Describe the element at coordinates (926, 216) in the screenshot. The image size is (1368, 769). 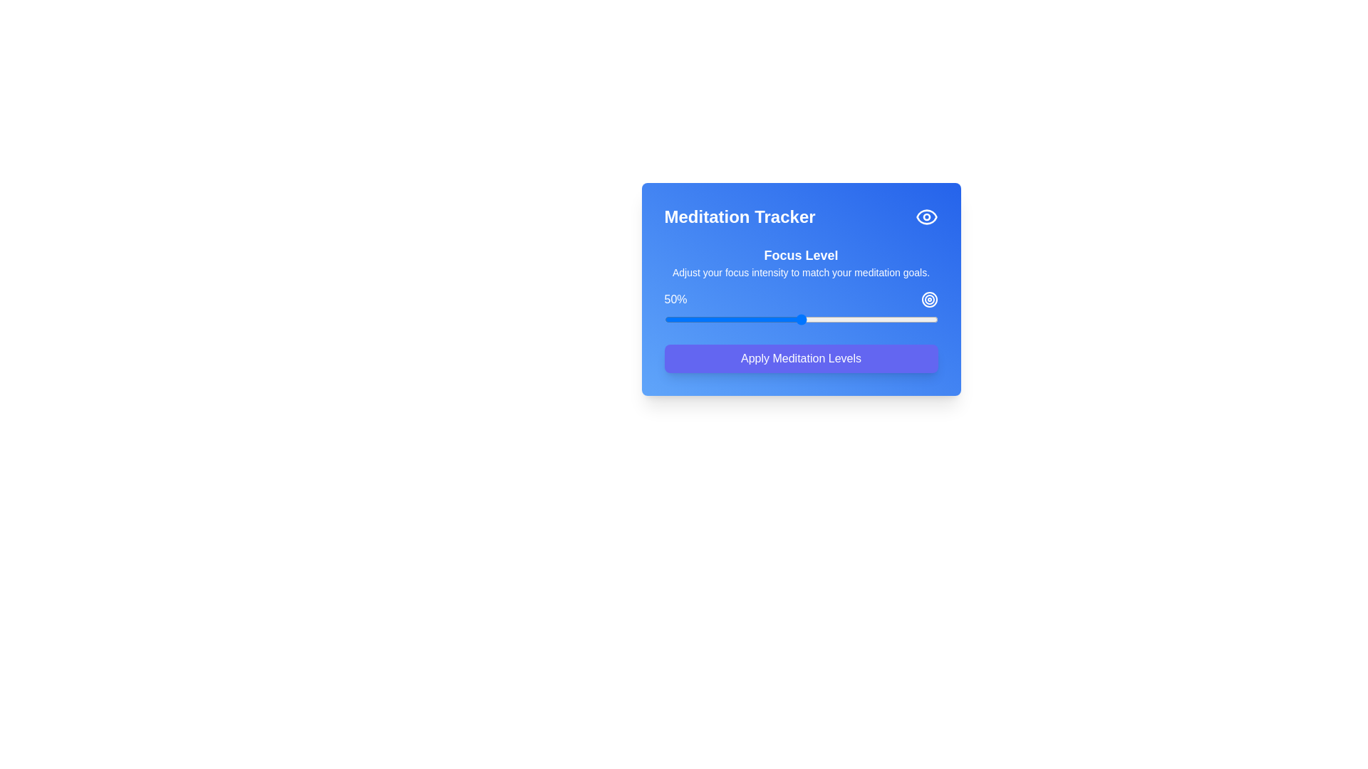
I see `the elliptical arc of the eye icon located in the top-right corner of the 'Meditation Tracker' card's blue header` at that location.